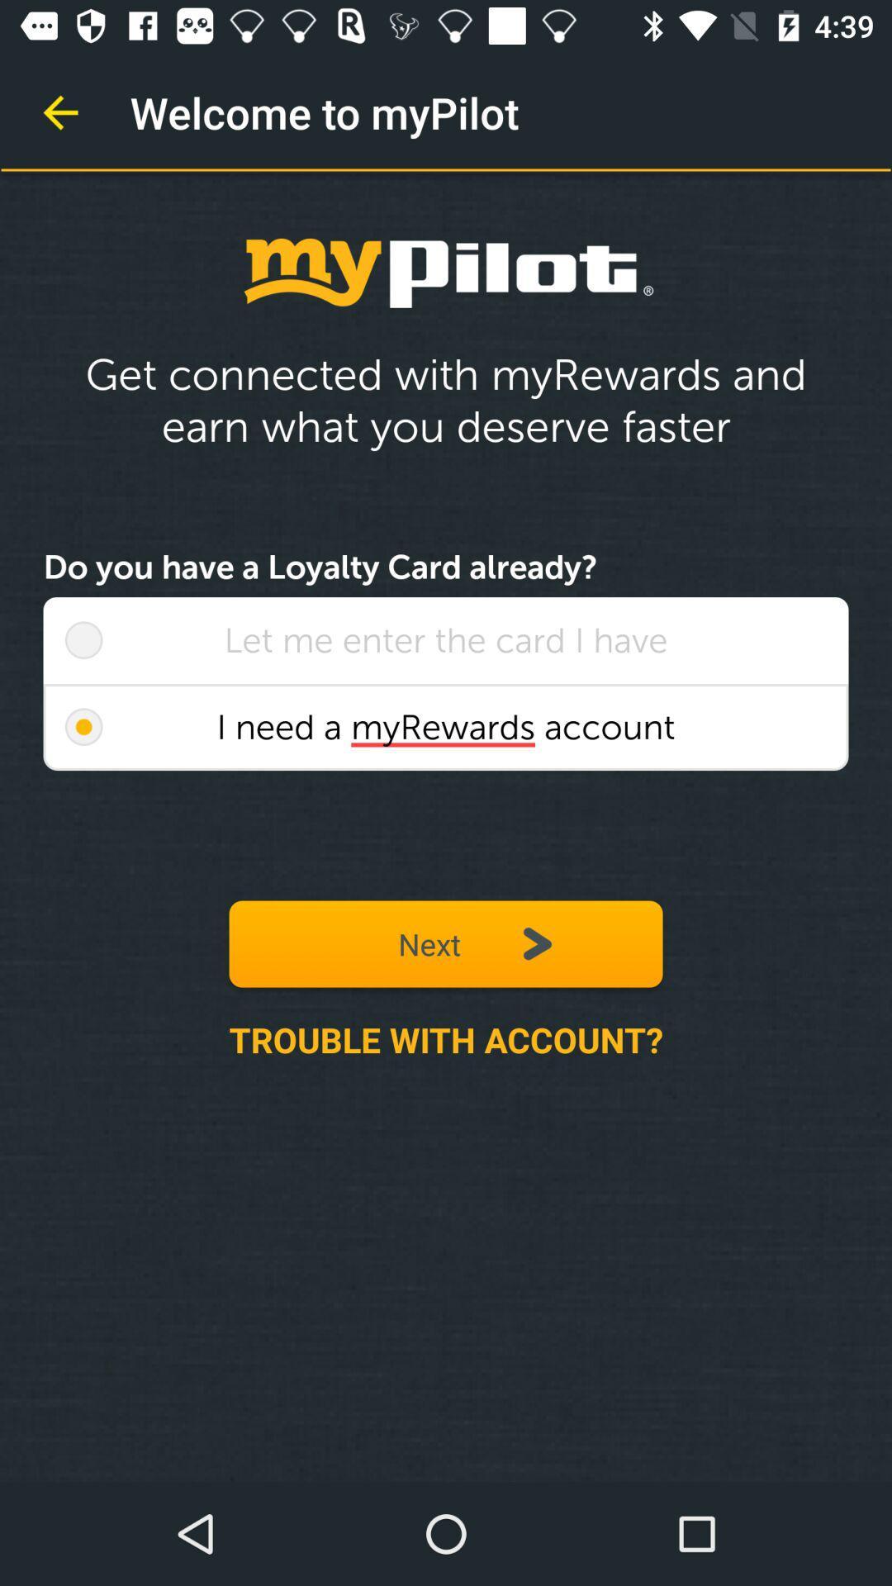 This screenshot has width=892, height=1586. I want to click on the item above the trouble with account? item, so click(83, 727).